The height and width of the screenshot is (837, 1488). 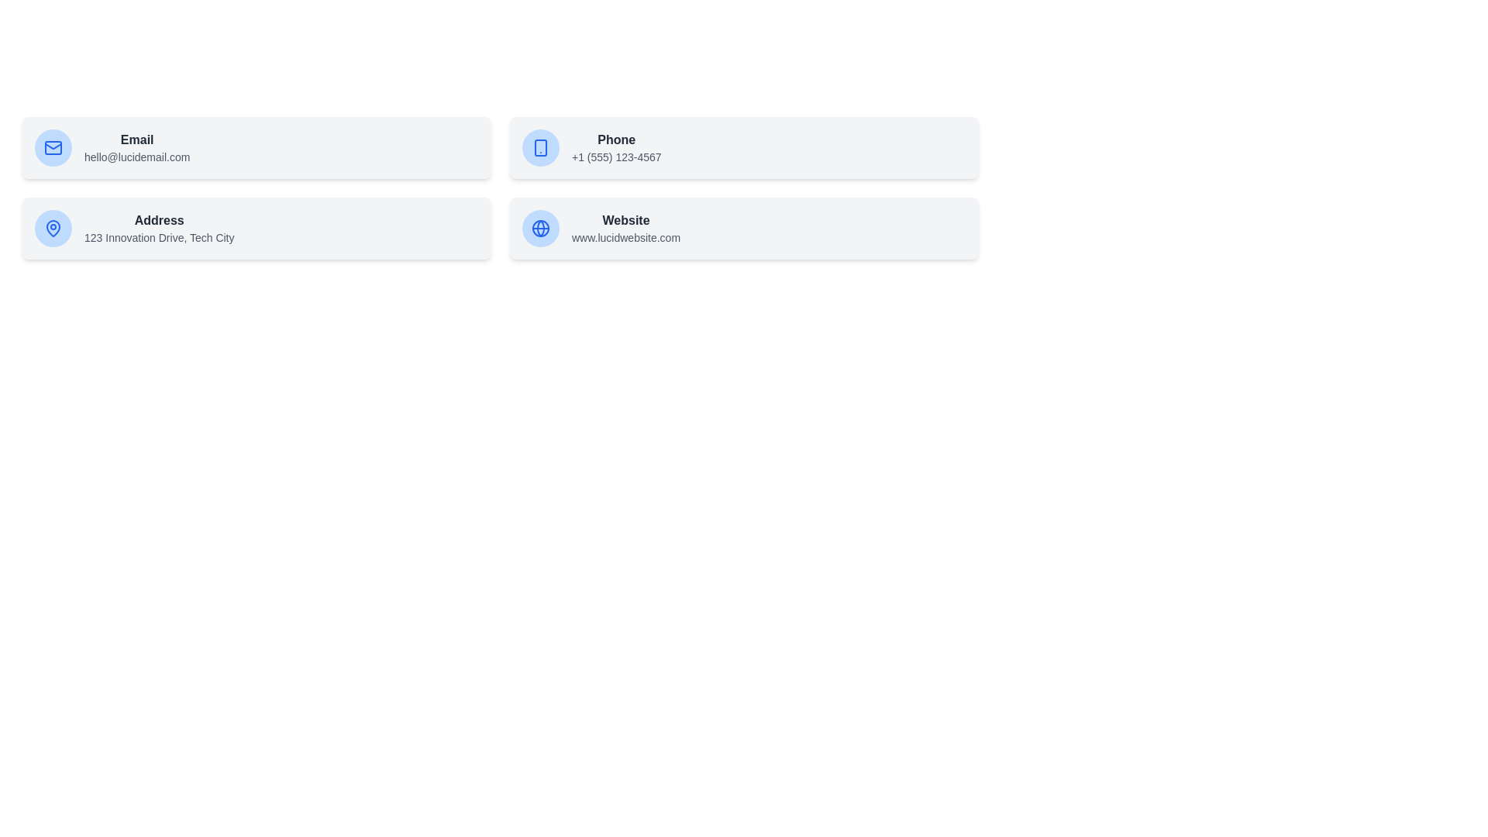 What do you see at coordinates (615, 148) in the screenshot?
I see `the second text label displaying phone contact information, located at the top-right of the interface in the contact information grid` at bounding box center [615, 148].